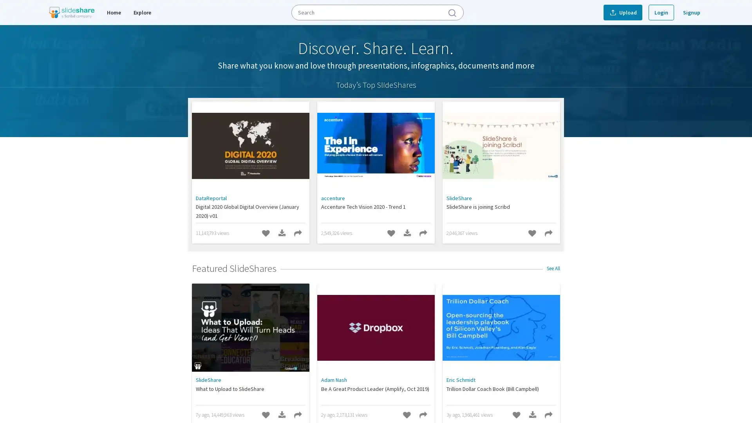 The image size is (752, 423). I want to click on Like Trillion Dollar Coach Book (Bill Campbell) SlideShare., so click(517, 414).